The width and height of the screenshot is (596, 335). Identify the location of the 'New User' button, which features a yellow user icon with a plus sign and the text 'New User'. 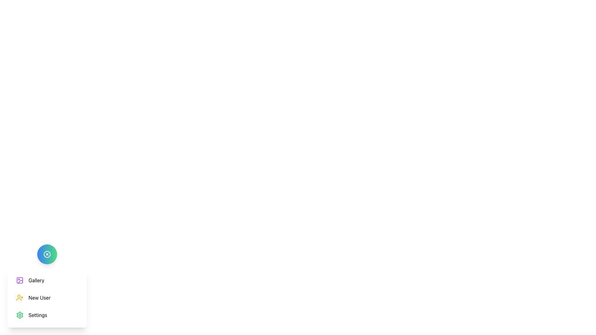
(33, 297).